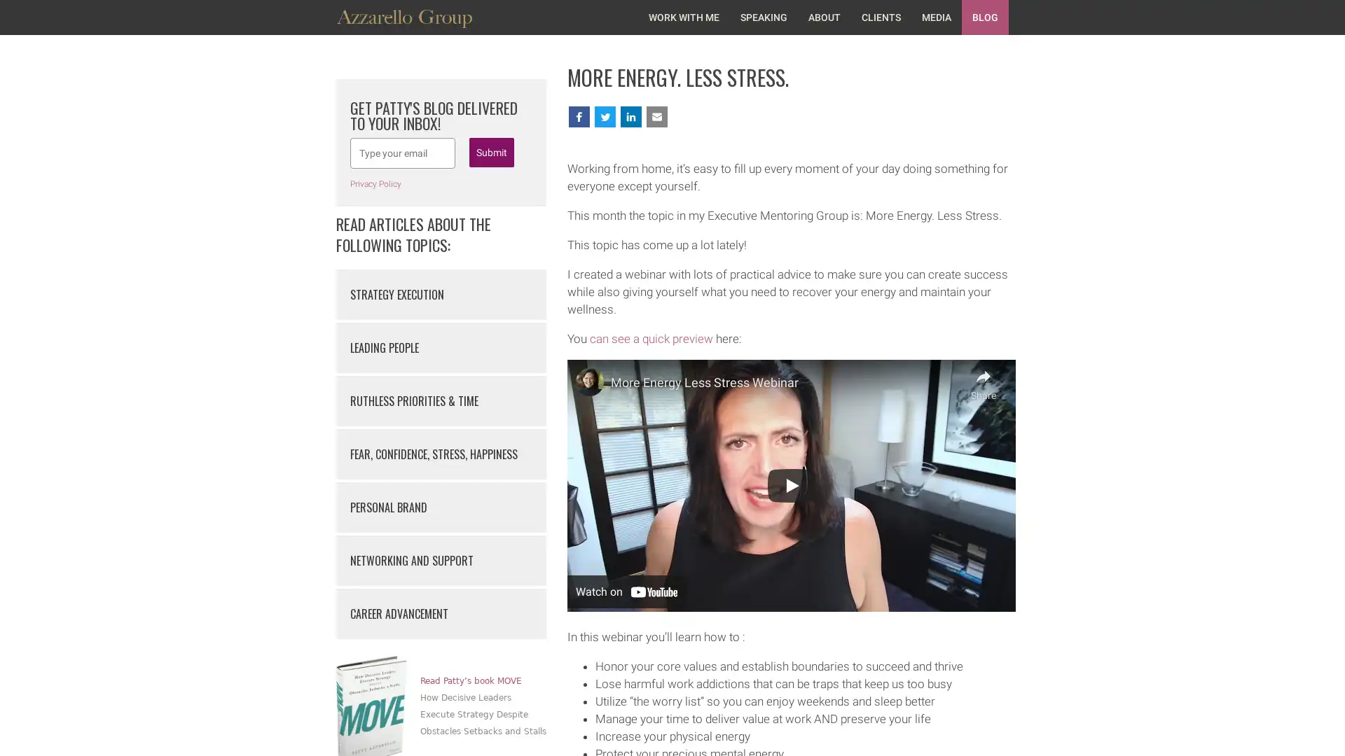 This screenshot has height=756, width=1345. I want to click on PERSONAL BRAND, so click(440, 507).